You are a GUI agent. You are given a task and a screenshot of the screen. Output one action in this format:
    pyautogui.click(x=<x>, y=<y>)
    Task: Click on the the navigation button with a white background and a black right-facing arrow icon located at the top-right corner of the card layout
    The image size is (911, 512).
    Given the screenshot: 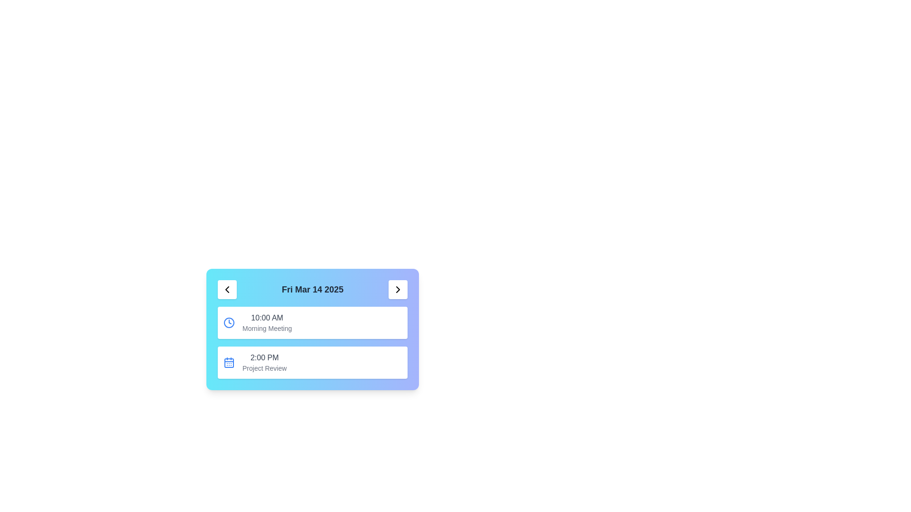 What is the action you would take?
    pyautogui.click(x=398, y=289)
    